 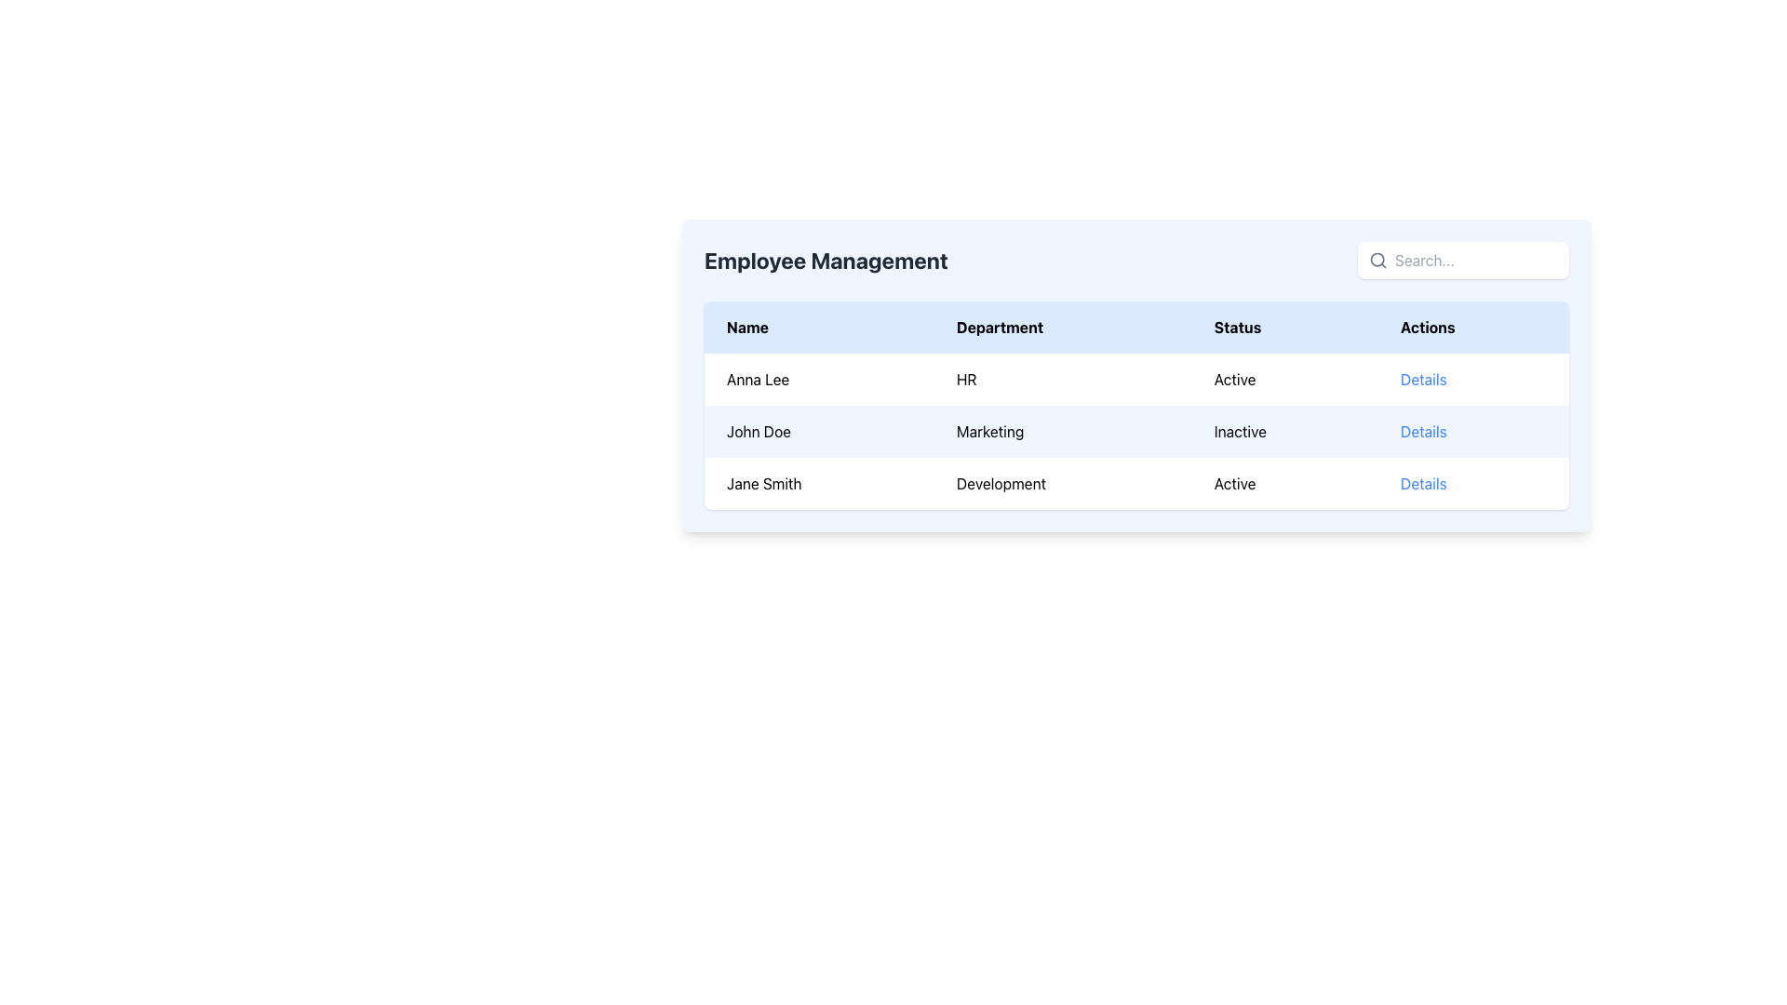 What do you see at coordinates (1422, 483) in the screenshot?
I see `the 'Details' hyperlink in blue font located in the third row of the 'Actions' column in the 'Employee Management' table` at bounding box center [1422, 483].